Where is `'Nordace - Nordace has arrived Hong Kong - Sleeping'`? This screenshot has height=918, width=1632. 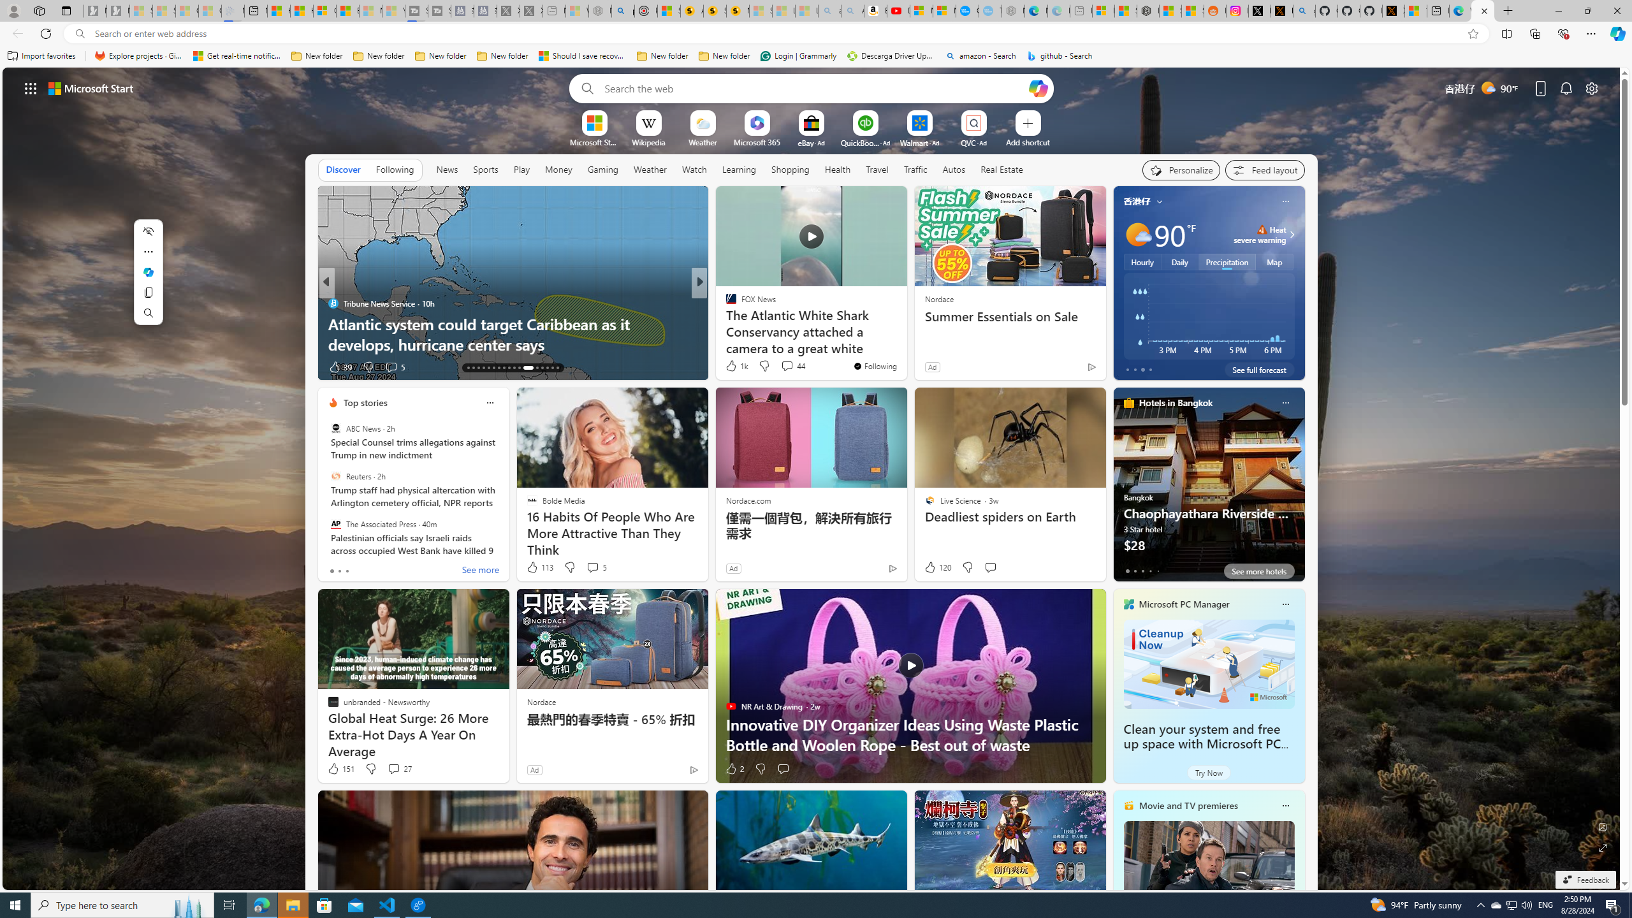
'Nordace - Nordace has arrived Hong Kong - Sleeping' is located at coordinates (1013, 10).